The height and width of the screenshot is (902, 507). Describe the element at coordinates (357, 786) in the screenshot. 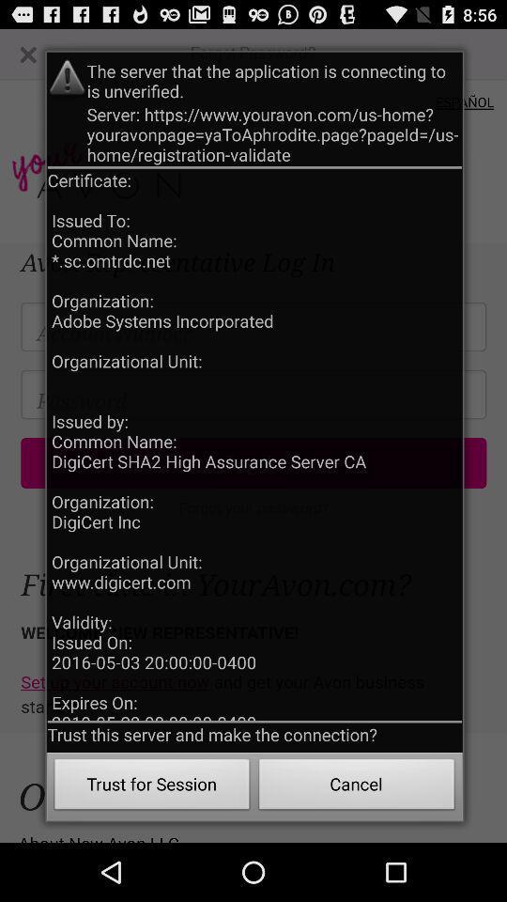

I see `item to the right of trust for session icon` at that location.